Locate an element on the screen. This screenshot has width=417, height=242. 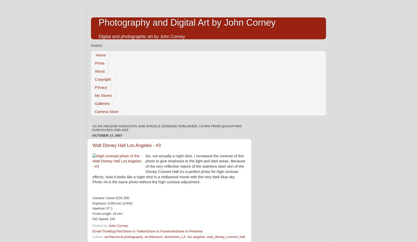
'October 17, 2007' is located at coordinates (107, 135).